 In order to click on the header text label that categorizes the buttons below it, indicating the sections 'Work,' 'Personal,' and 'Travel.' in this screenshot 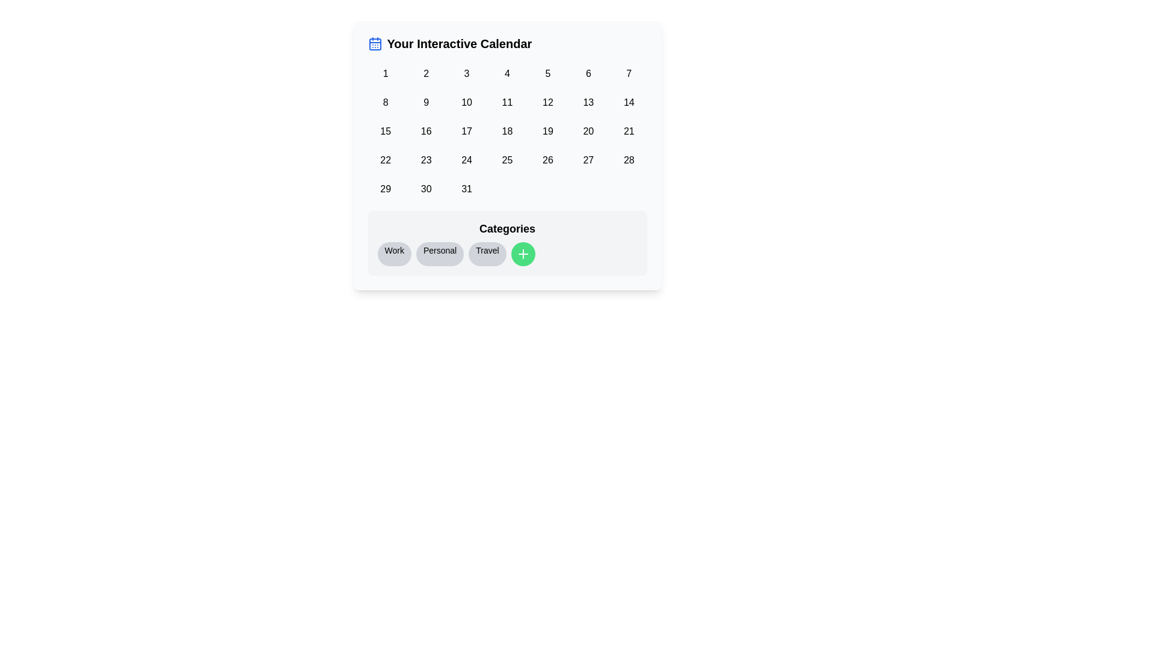, I will do `click(507, 229)`.